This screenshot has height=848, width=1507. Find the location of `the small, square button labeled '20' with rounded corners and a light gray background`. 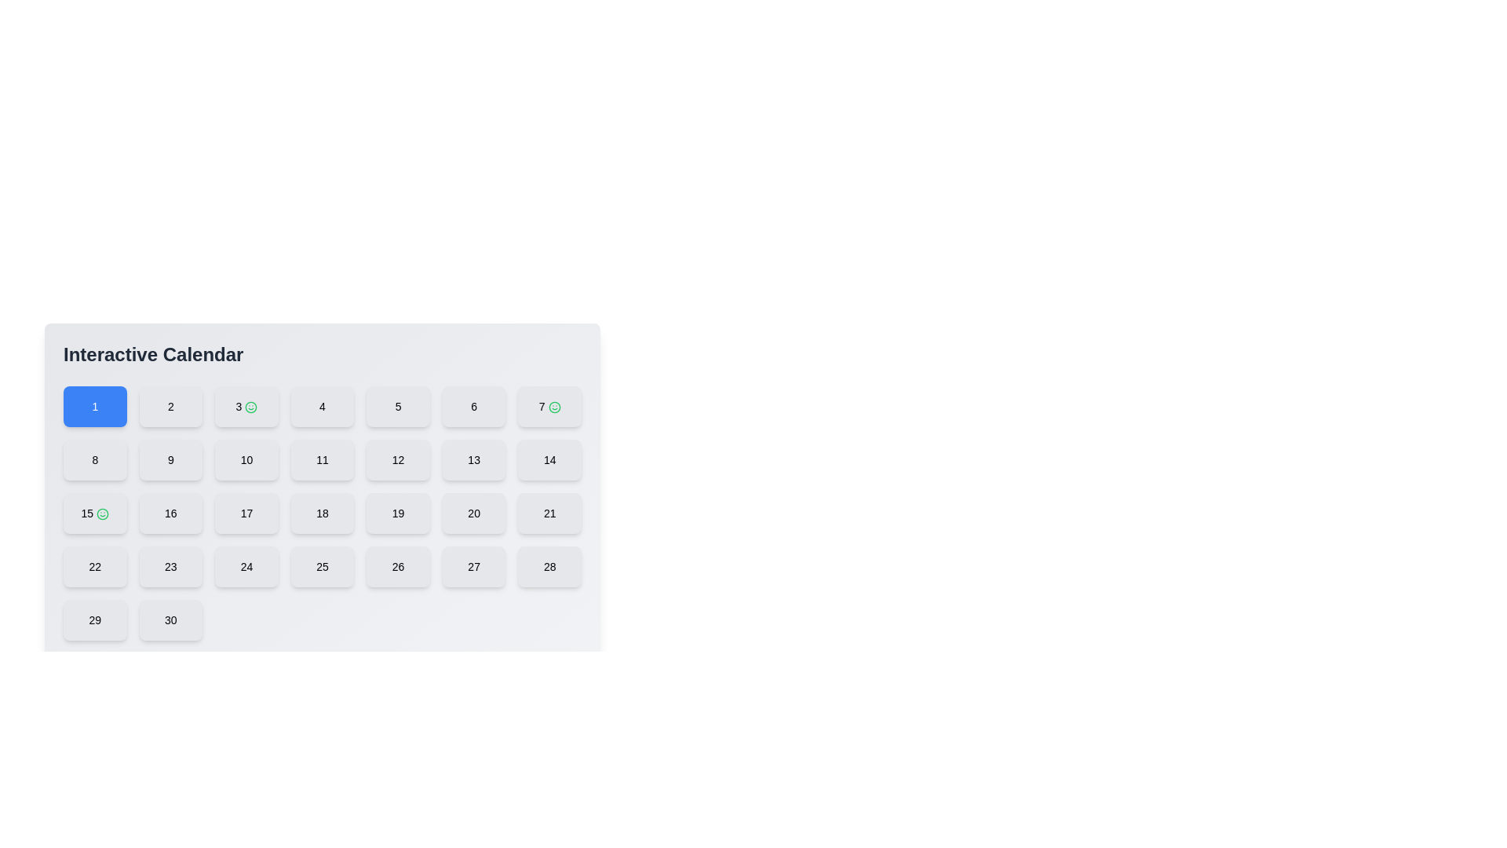

the small, square button labeled '20' with rounded corners and a light gray background is located at coordinates (473, 514).